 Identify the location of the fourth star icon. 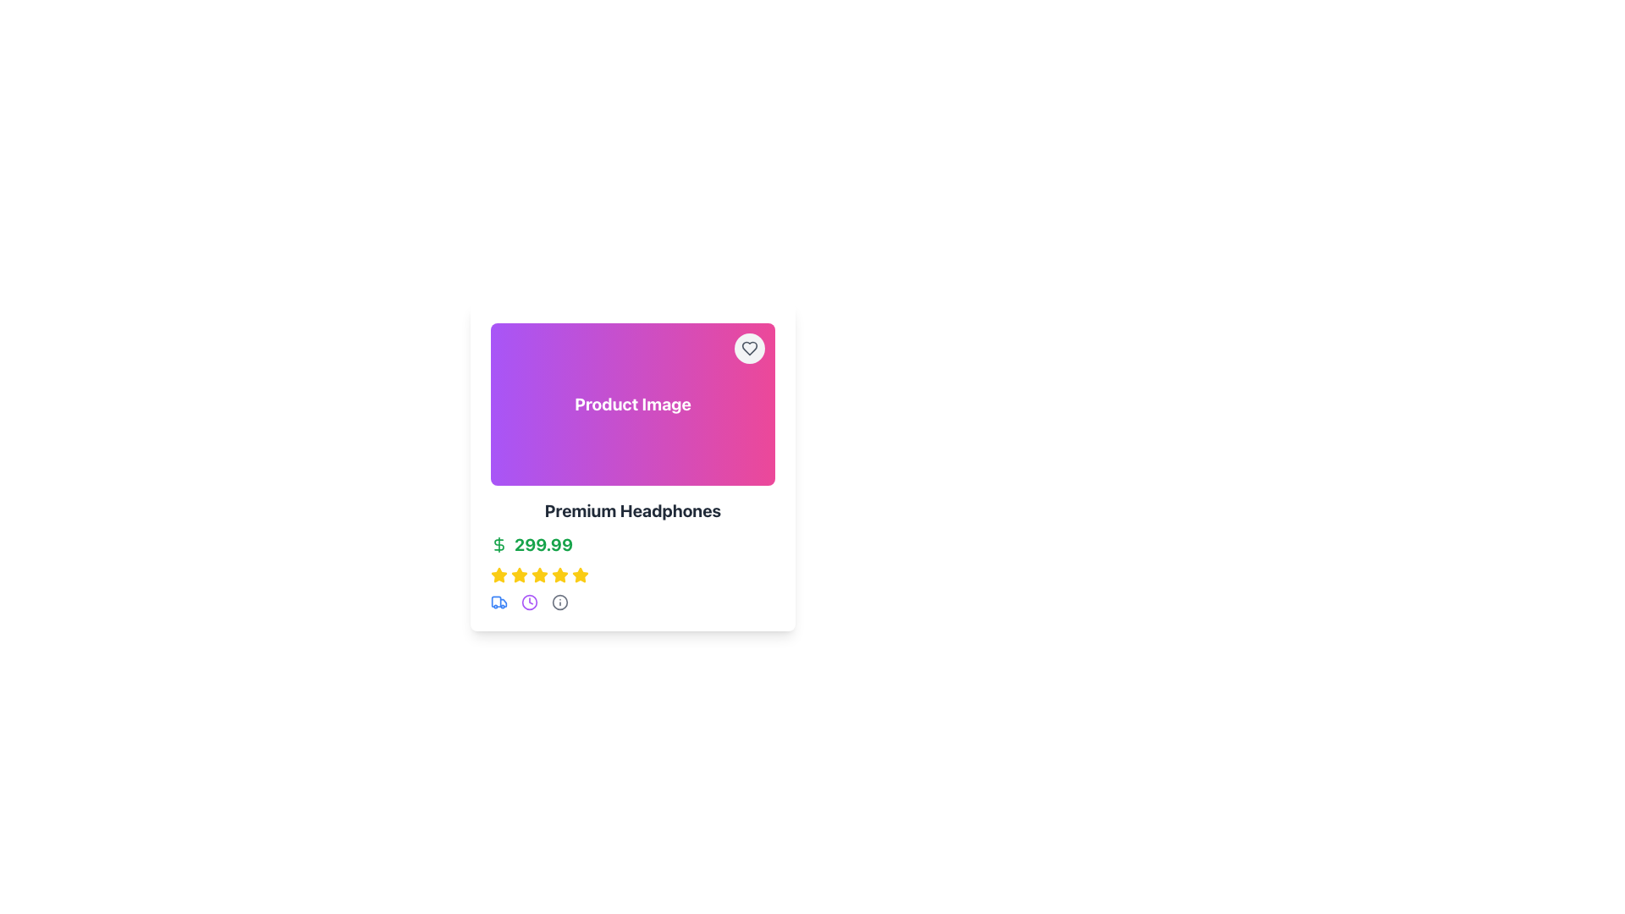
(539, 574).